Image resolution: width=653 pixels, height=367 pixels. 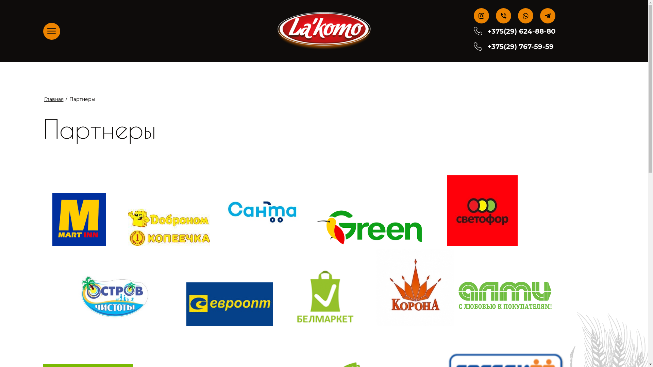 I want to click on '+375(29) 767-59-59', so click(x=487, y=46).